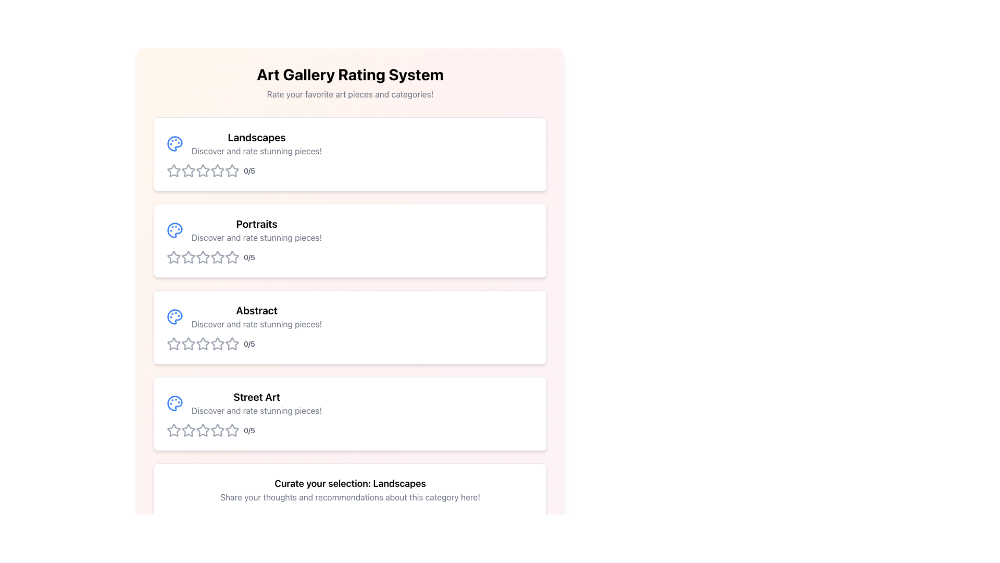 The image size is (1000, 563). Describe the element at coordinates (257, 316) in the screenshot. I see `text from the Textual Header which contains the title 'Abstract' and subtitle 'Discover and rate stunning pieces!' located in the third card from the top` at that location.